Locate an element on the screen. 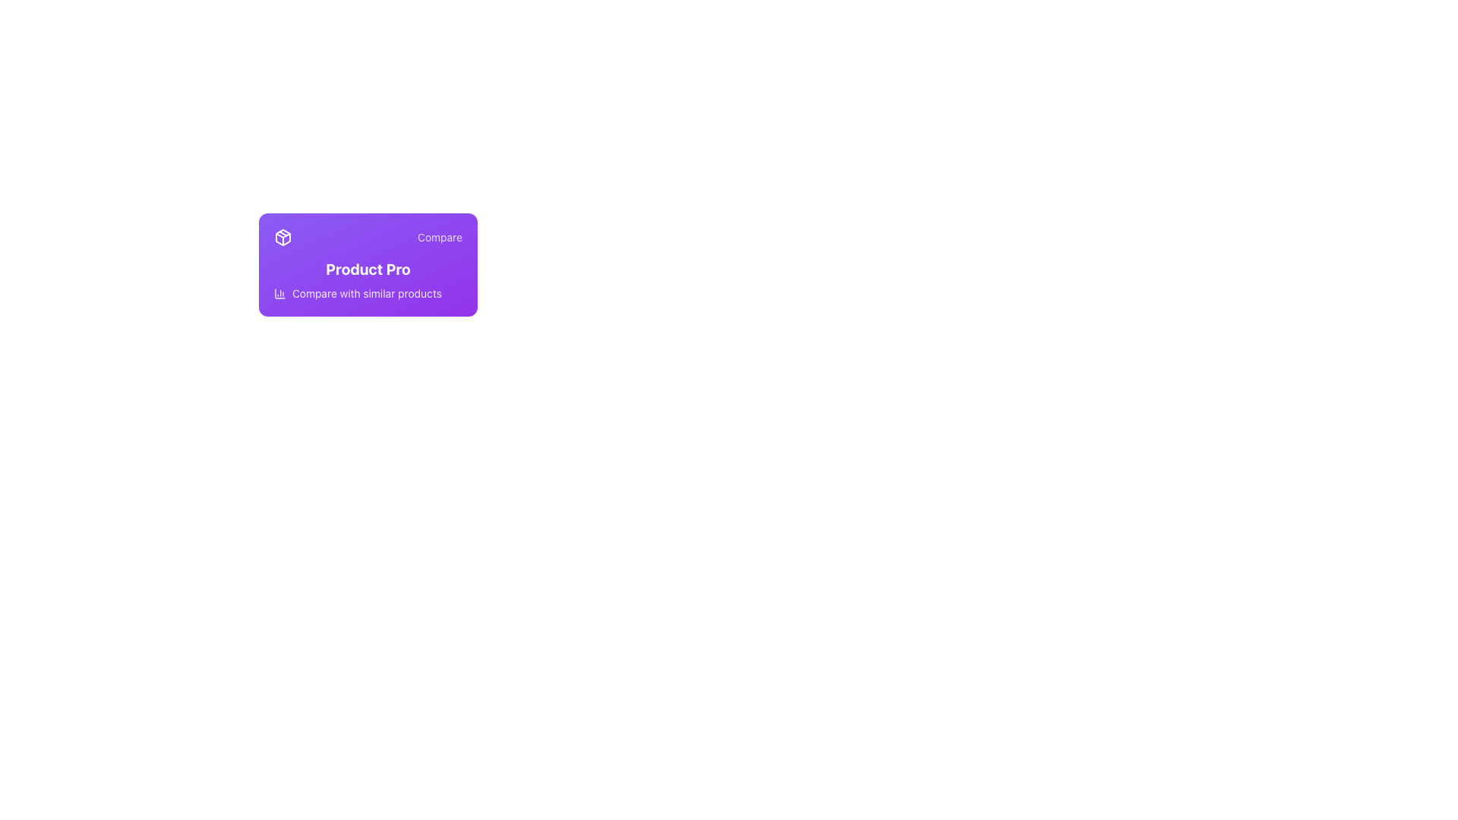 Image resolution: width=1458 pixels, height=820 pixels. prominent text label displaying 'Product Pro', which is styled in white bold font on a vibrant gradient purple background is located at coordinates (368, 268).